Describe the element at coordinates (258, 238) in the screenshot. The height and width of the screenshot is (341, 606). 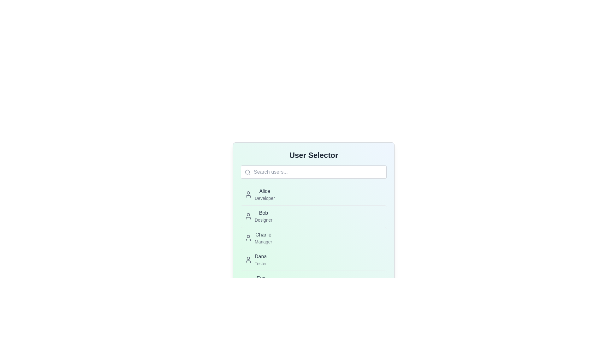
I see `the list item representing 'Charlie', which displays 'Charlie' in a larger font and 'Manager' in a smaller font, styled in gray tones` at that location.